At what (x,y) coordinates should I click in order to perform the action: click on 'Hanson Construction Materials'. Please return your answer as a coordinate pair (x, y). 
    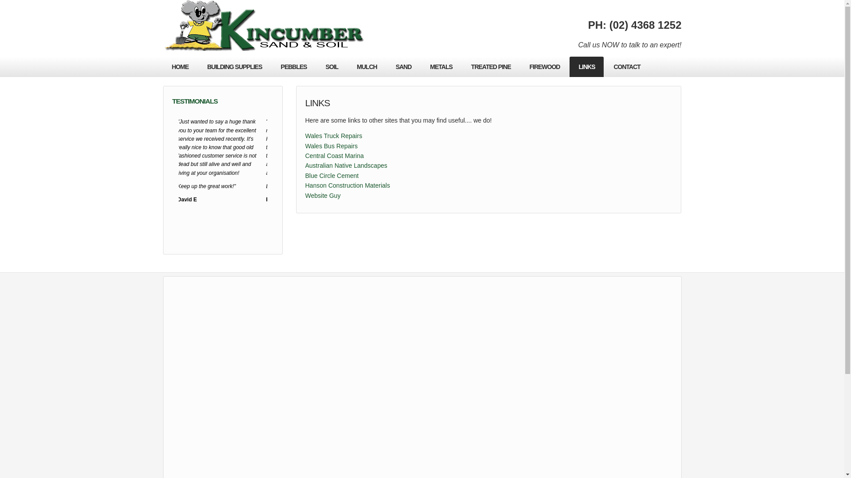
    Looking at the image, I should click on (347, 185).